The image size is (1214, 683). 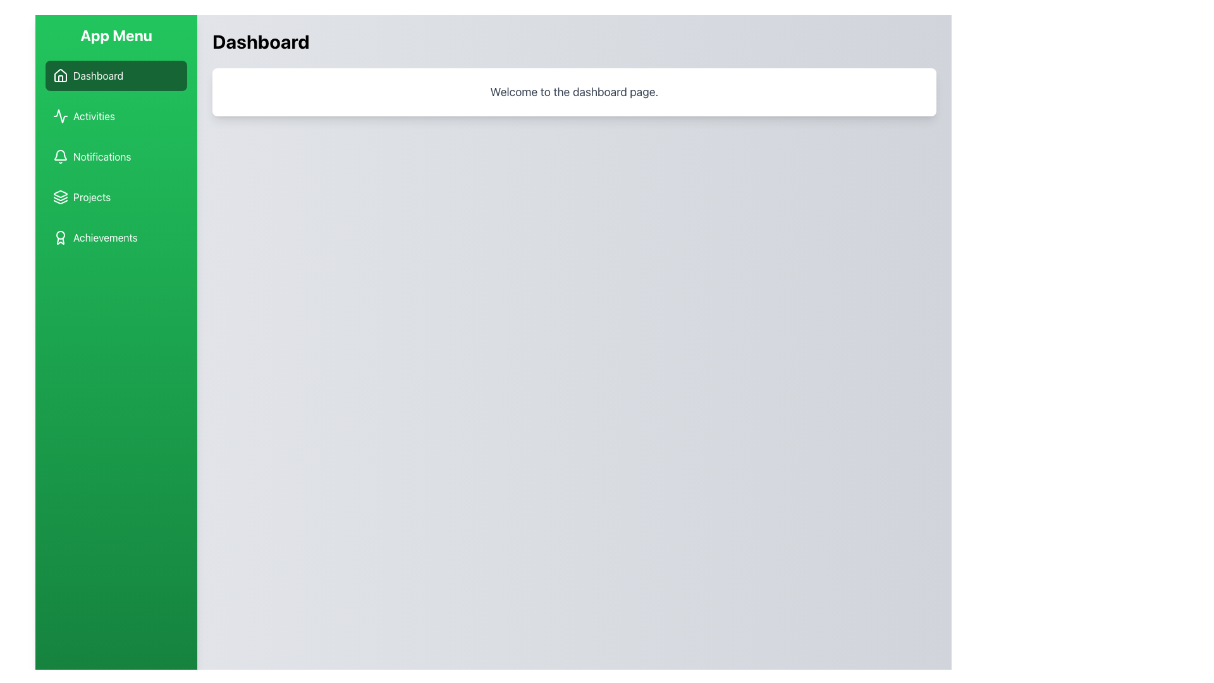 What do you see at coordinates (116, 197) in the screenshot?
I see `the 'Projects' navigation menu item, which is the fourth item` at bounding box center [116, 197].